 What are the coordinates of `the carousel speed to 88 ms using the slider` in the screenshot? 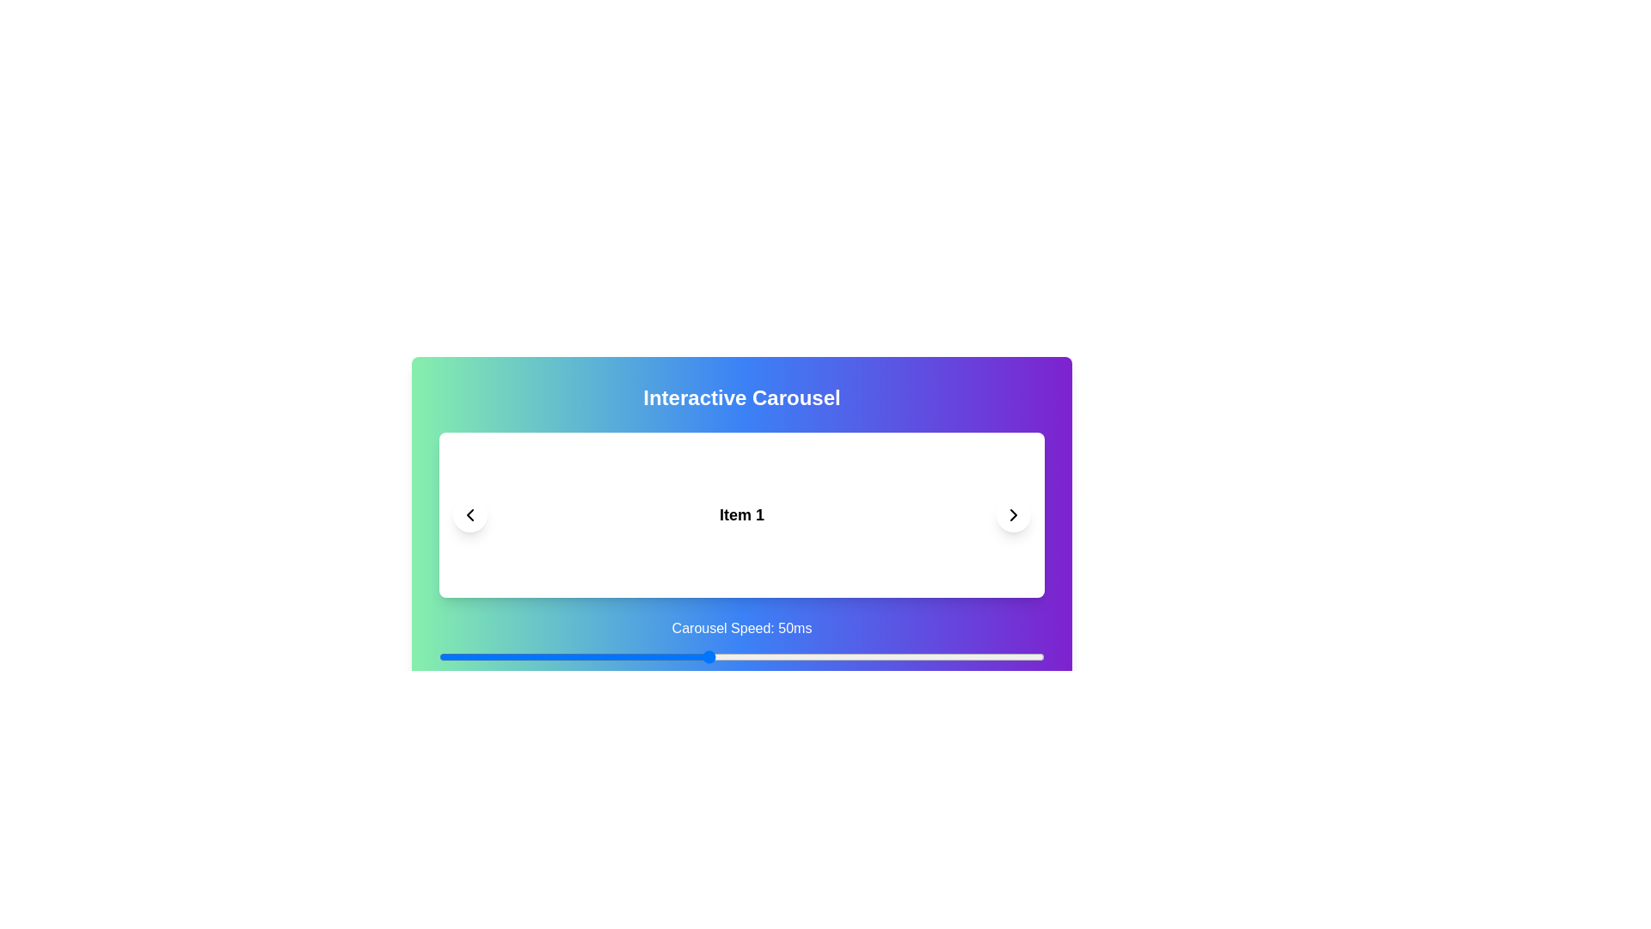 It's located at (964, 656).